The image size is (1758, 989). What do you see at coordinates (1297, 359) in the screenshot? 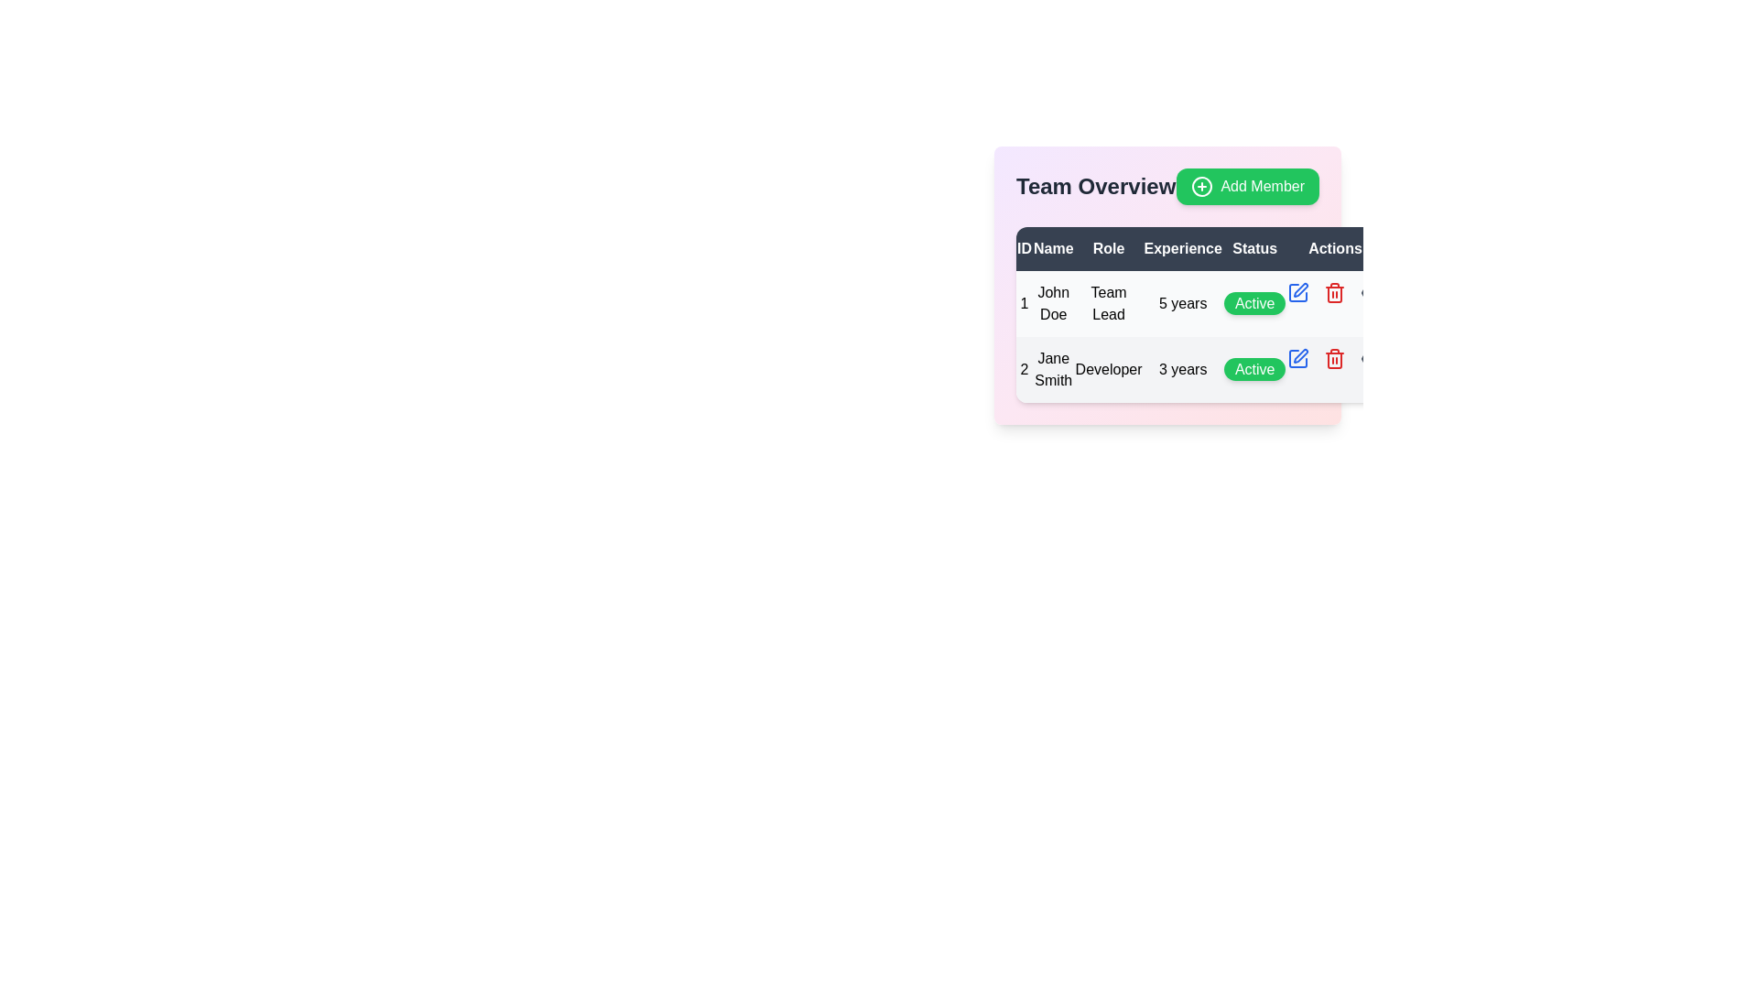
I see `the edit icon button in the Actions column for Jane Smith's row to change its color` at bounding box center [1297, 359].